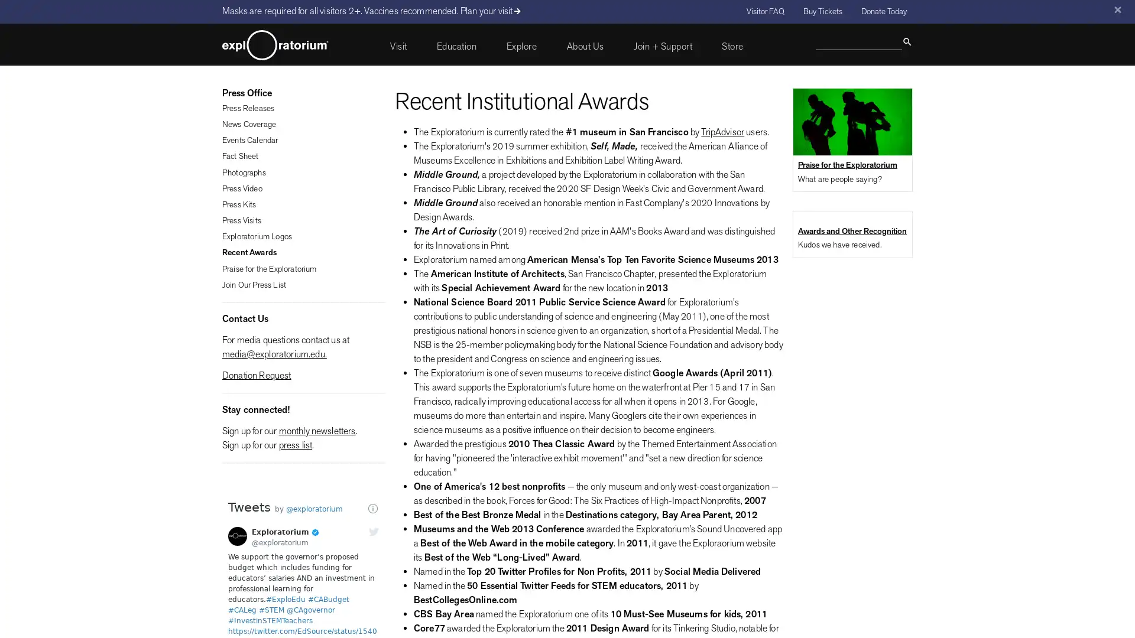 This screenshot has width=1135, height=638. I want to click on Close, so click(1117, 9).